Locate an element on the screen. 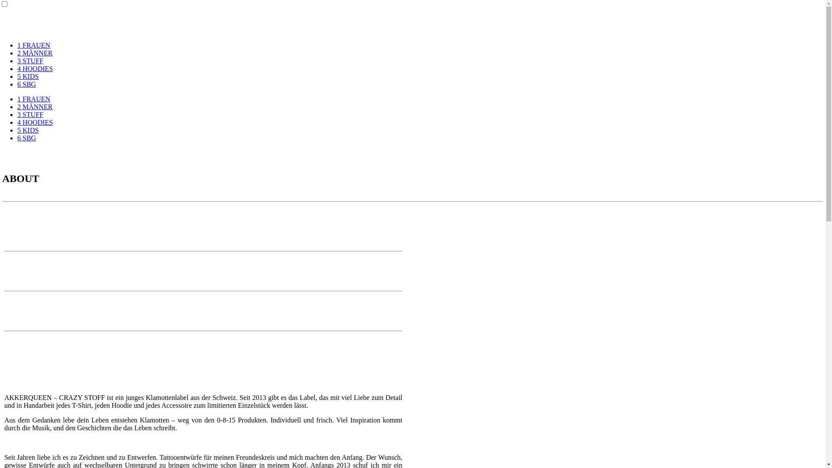  '1 FRAUEN' is located at coordinates (33, 98).